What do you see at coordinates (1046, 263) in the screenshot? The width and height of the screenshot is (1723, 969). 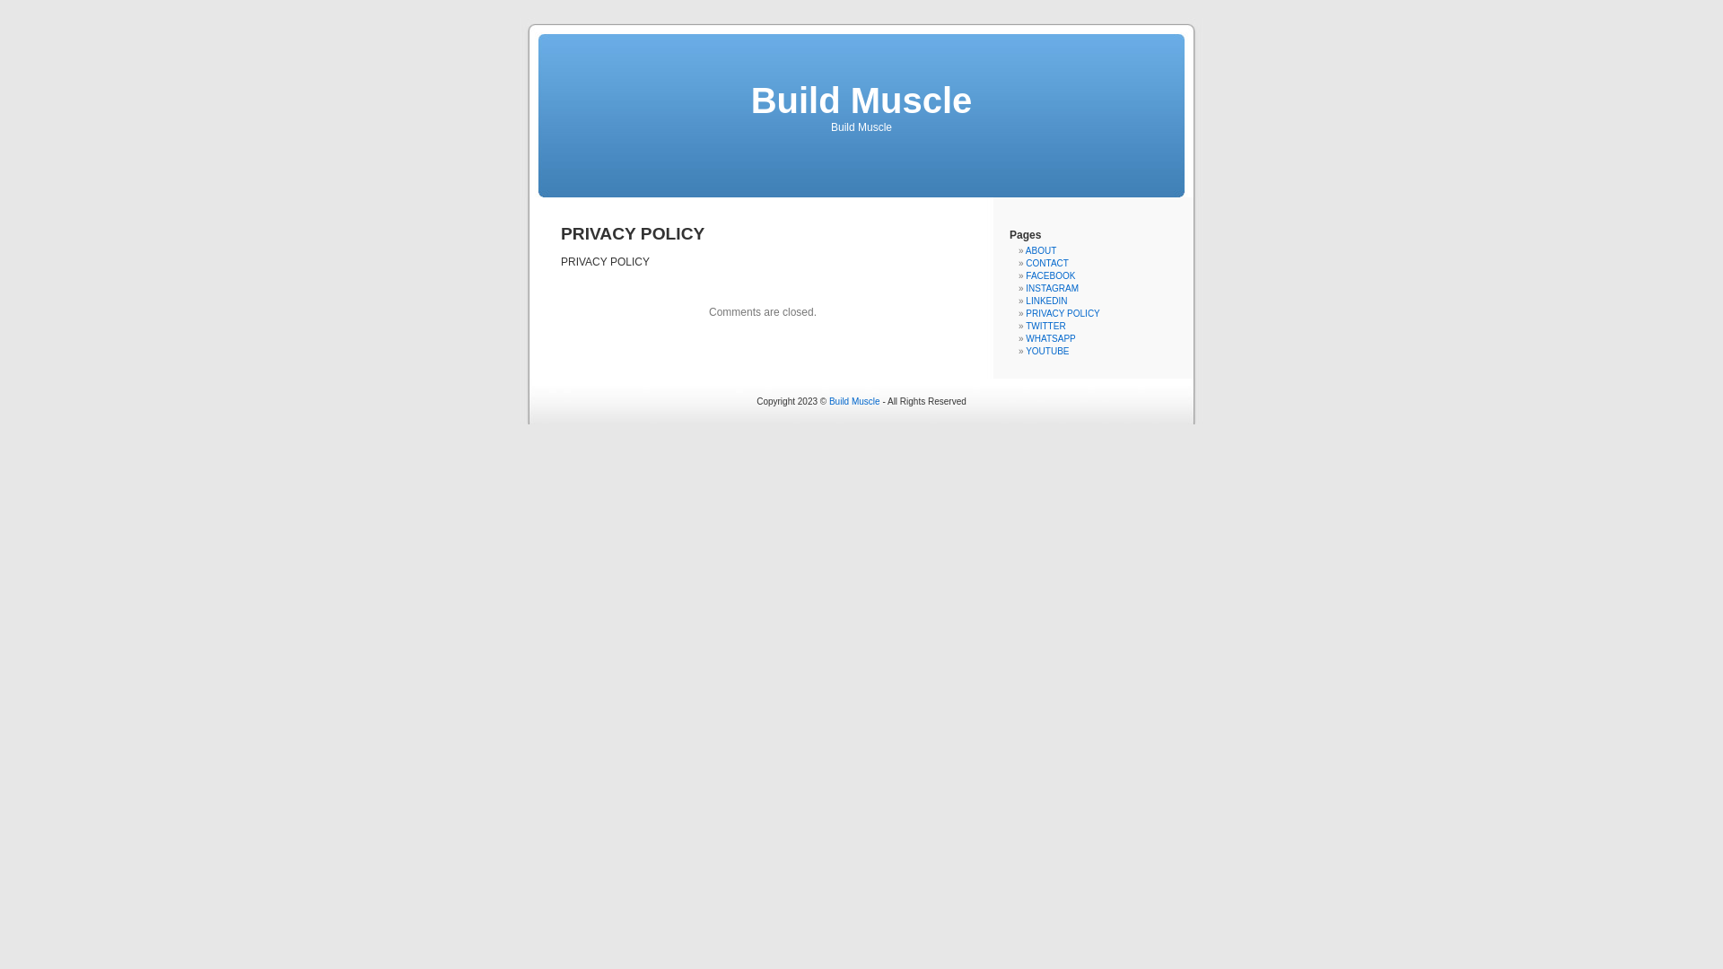 I see `'CONTACT'` at bounding box center [1046, 263].